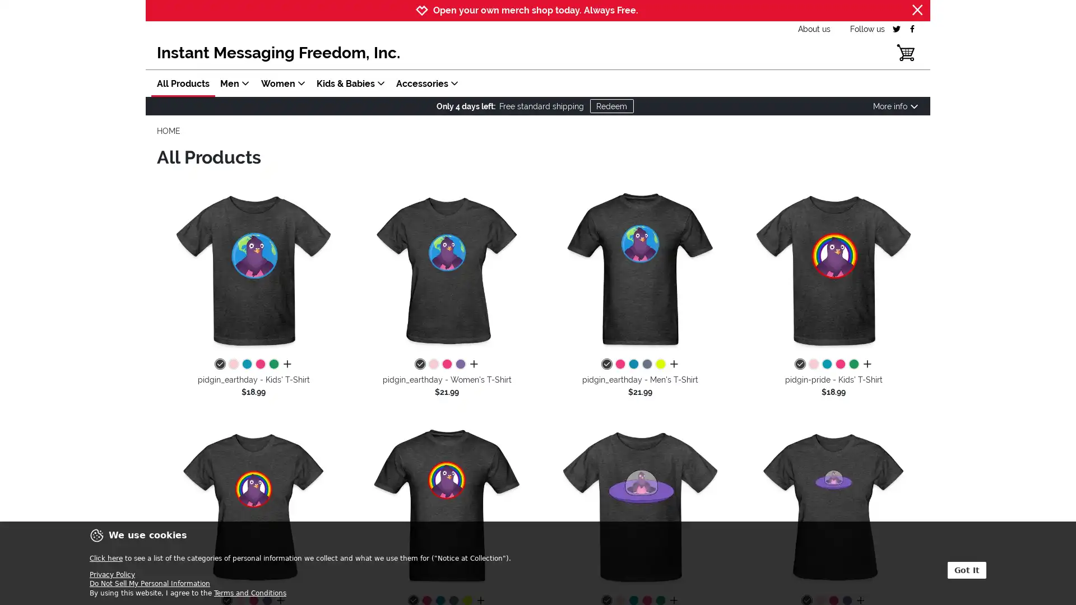 Image resolution: width=1076 pixels, height=605 pixels. I want to click on purple heather, so click(460, 365).